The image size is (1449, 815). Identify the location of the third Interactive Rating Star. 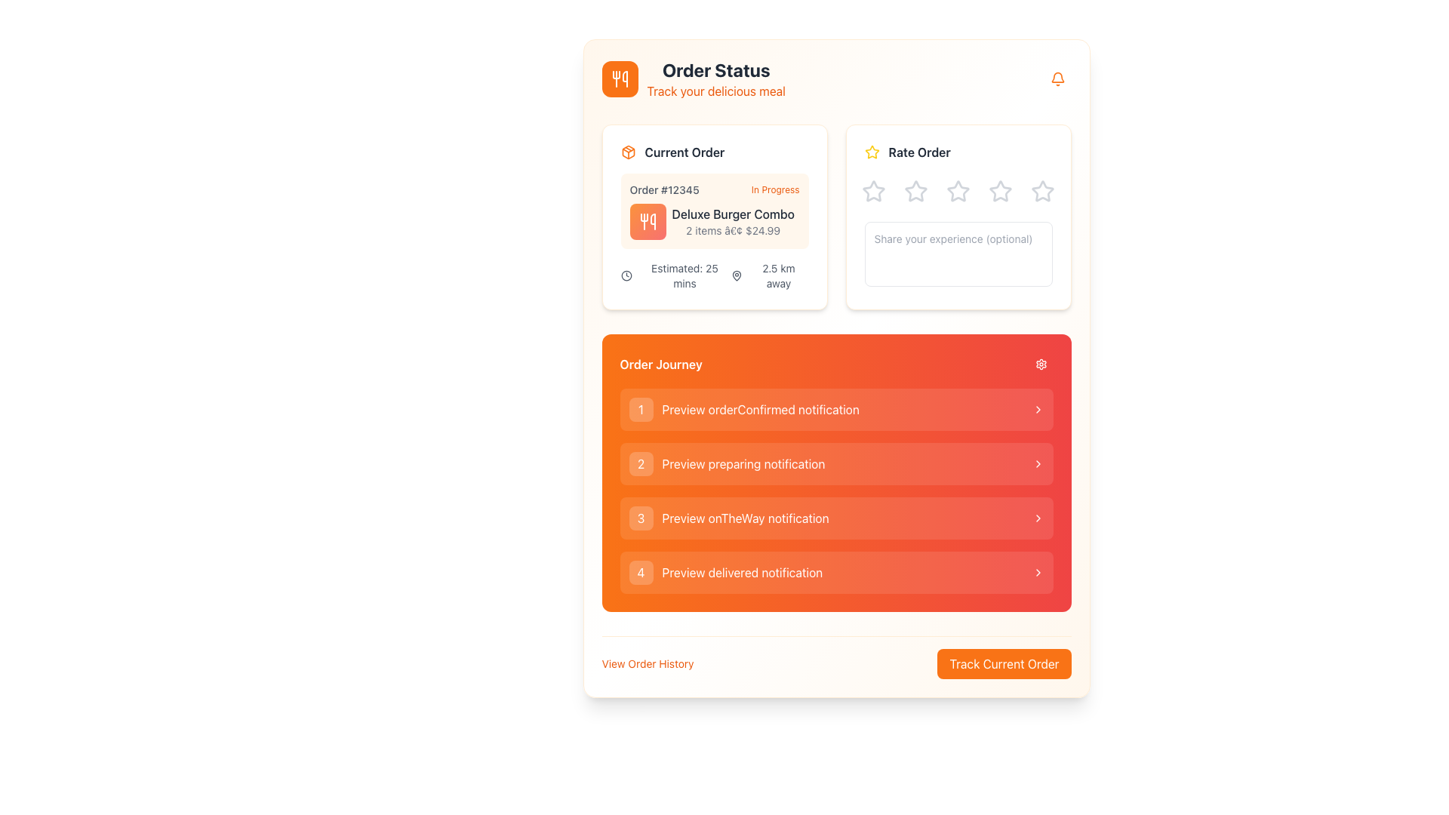
(958, 191).